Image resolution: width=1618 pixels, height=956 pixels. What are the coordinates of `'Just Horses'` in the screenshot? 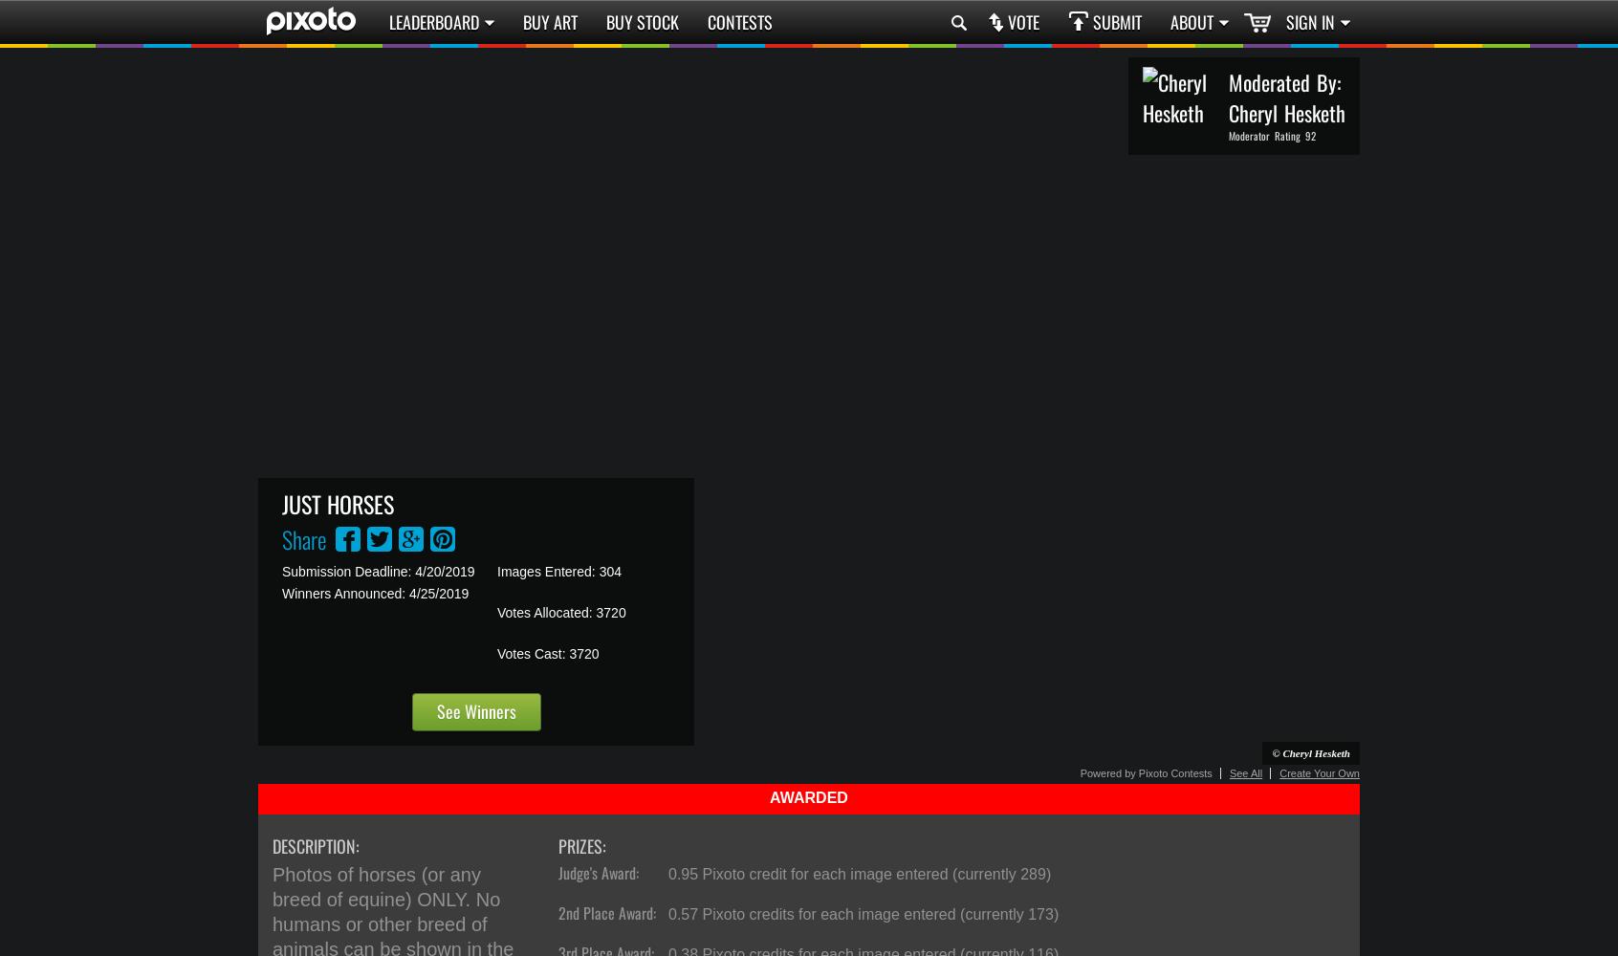 It's located at (337, 503).